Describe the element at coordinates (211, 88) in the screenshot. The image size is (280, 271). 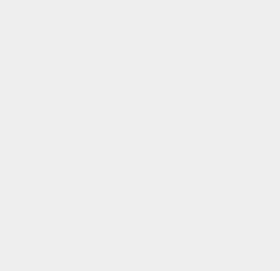
I see `'Video Marketing'` at that location.